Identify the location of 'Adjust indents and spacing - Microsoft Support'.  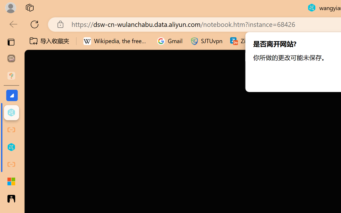
(11, 182).